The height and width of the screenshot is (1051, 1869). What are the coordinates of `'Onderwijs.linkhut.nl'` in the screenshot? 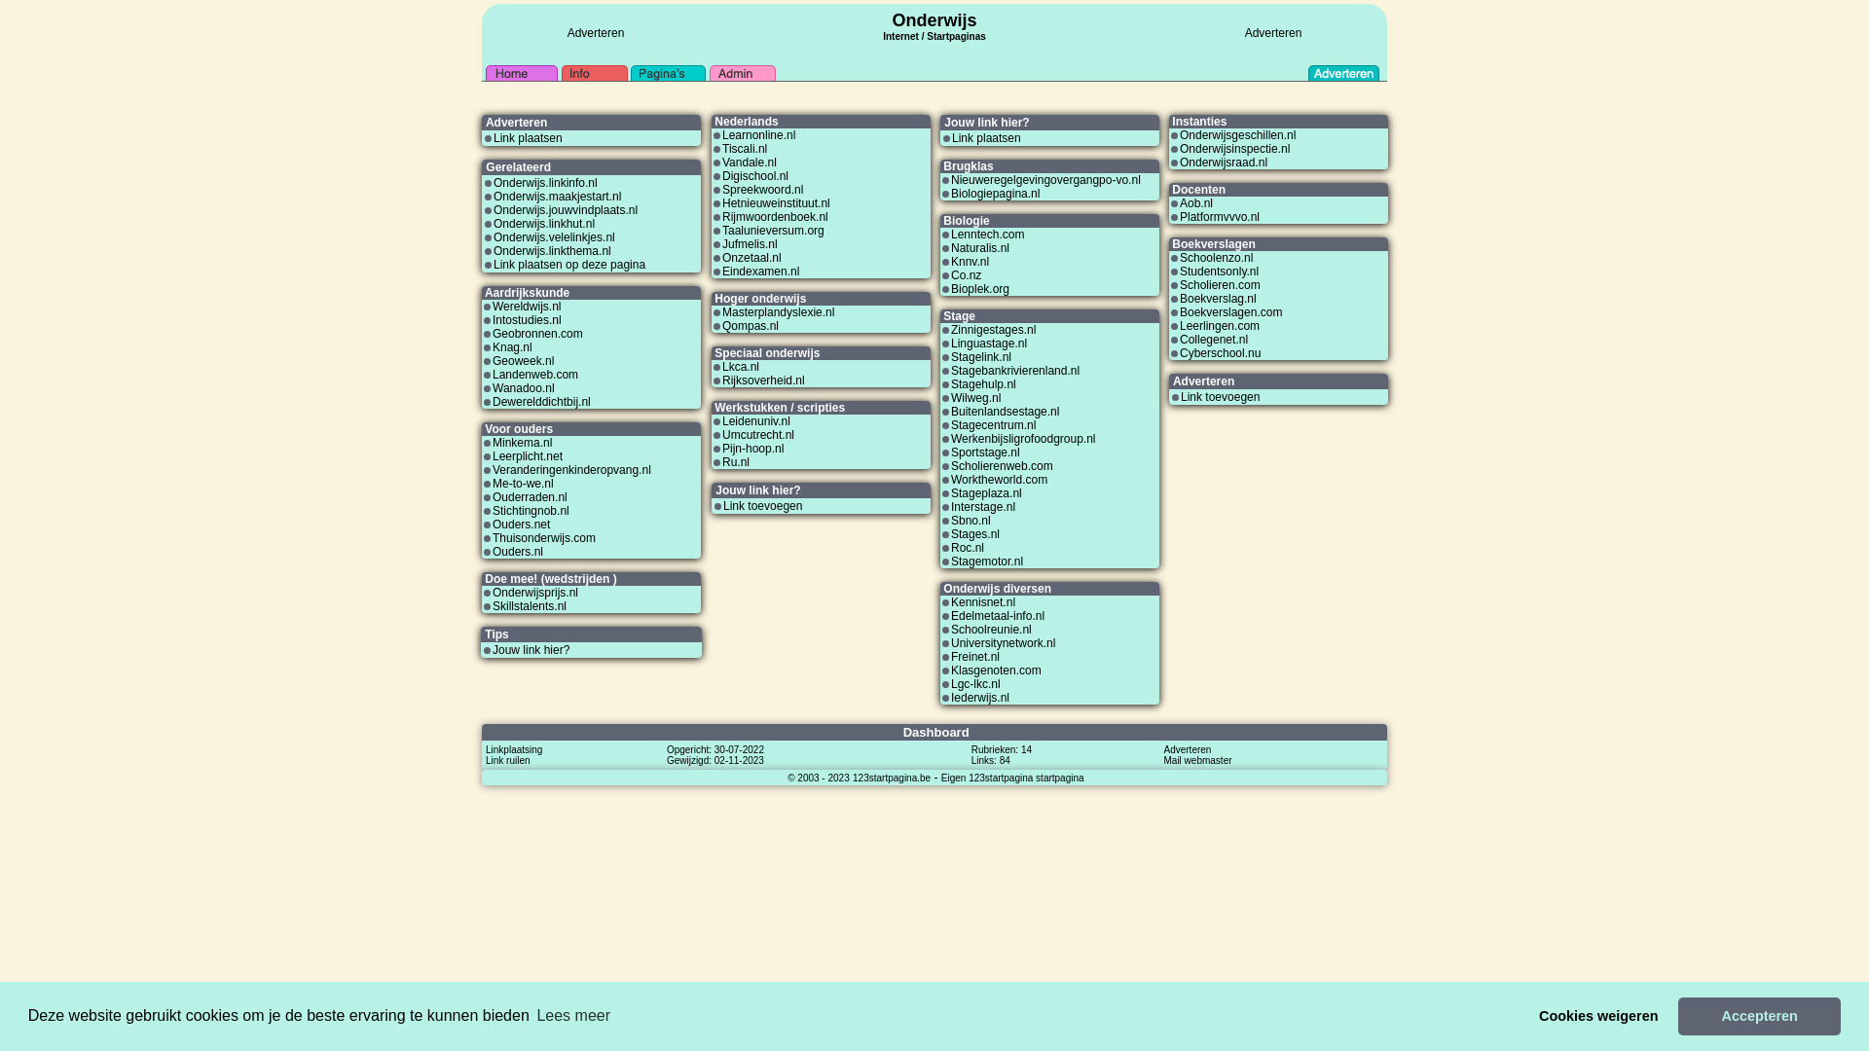 It's located at (543, 223).